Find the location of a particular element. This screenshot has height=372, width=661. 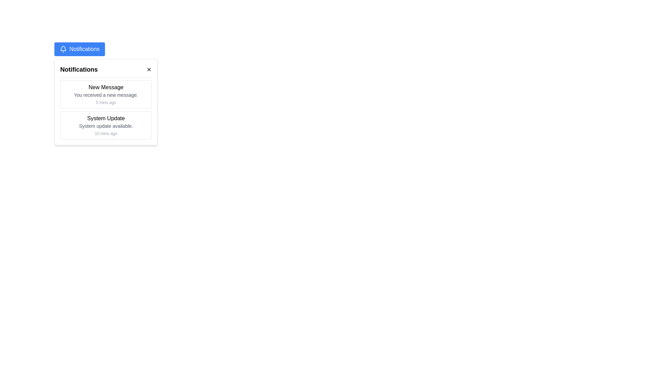

the visual appearance of the bell icon within the 'Notifications' button, which is the left-most component of the button is located at coordinates (63, 49).